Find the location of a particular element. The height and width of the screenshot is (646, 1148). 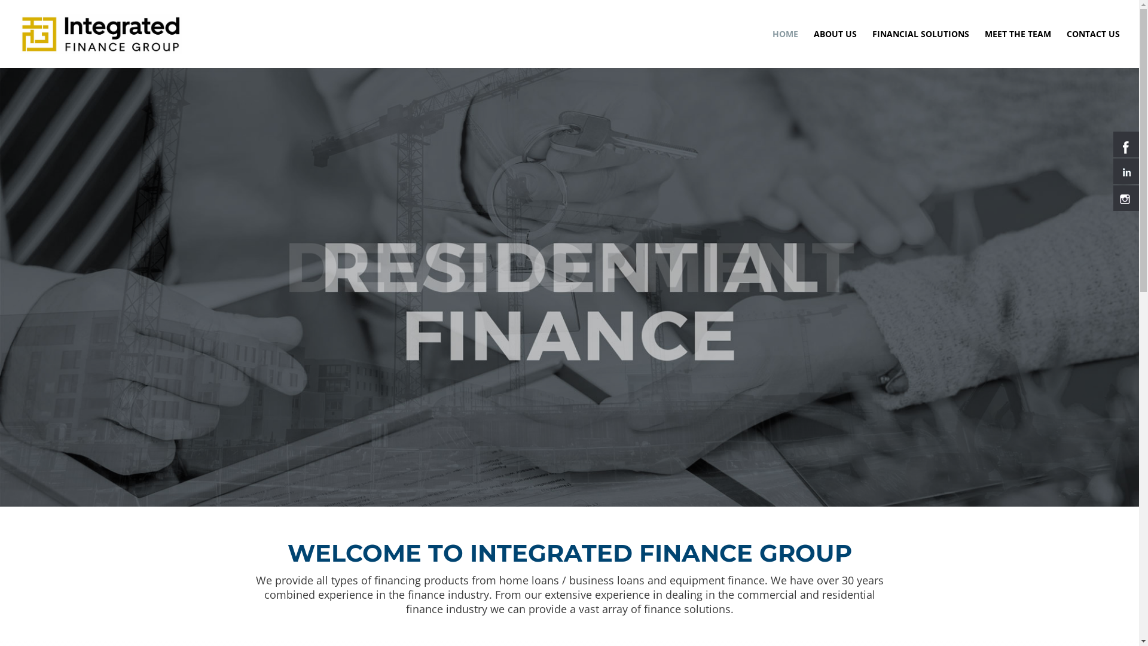

'ABOUT US' is located at coordinates (834, 48).